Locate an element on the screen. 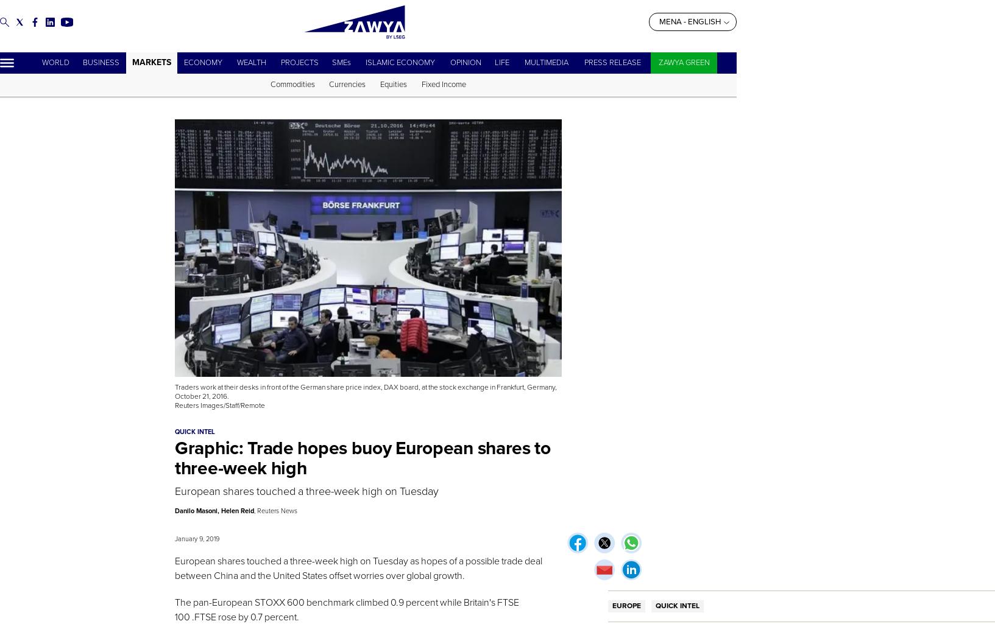 Image resolution: width=995 pixels, height=638 pixels. 'WORLD' is located at coordinates (40, 62).